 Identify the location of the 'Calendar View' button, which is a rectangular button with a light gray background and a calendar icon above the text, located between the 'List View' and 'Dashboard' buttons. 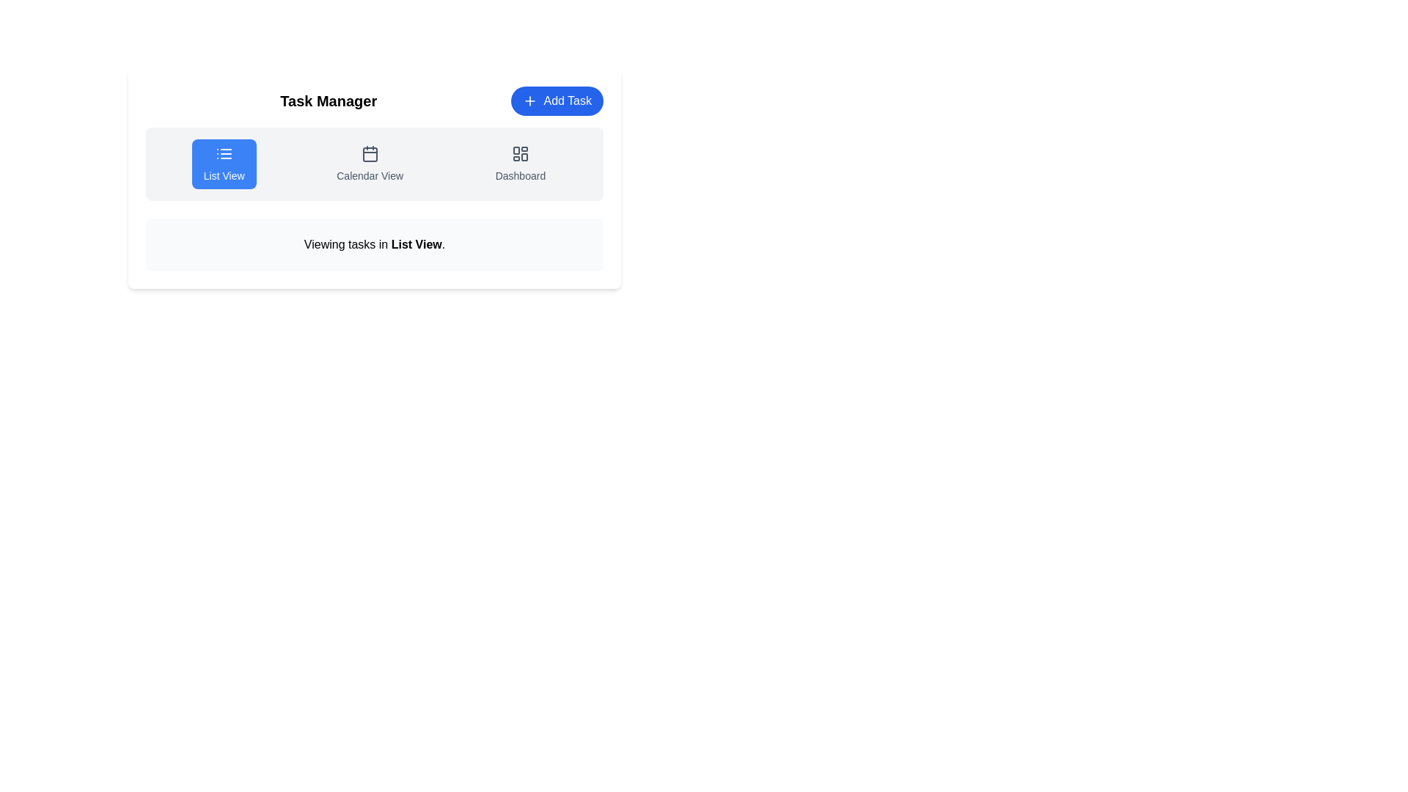
(370, 164).